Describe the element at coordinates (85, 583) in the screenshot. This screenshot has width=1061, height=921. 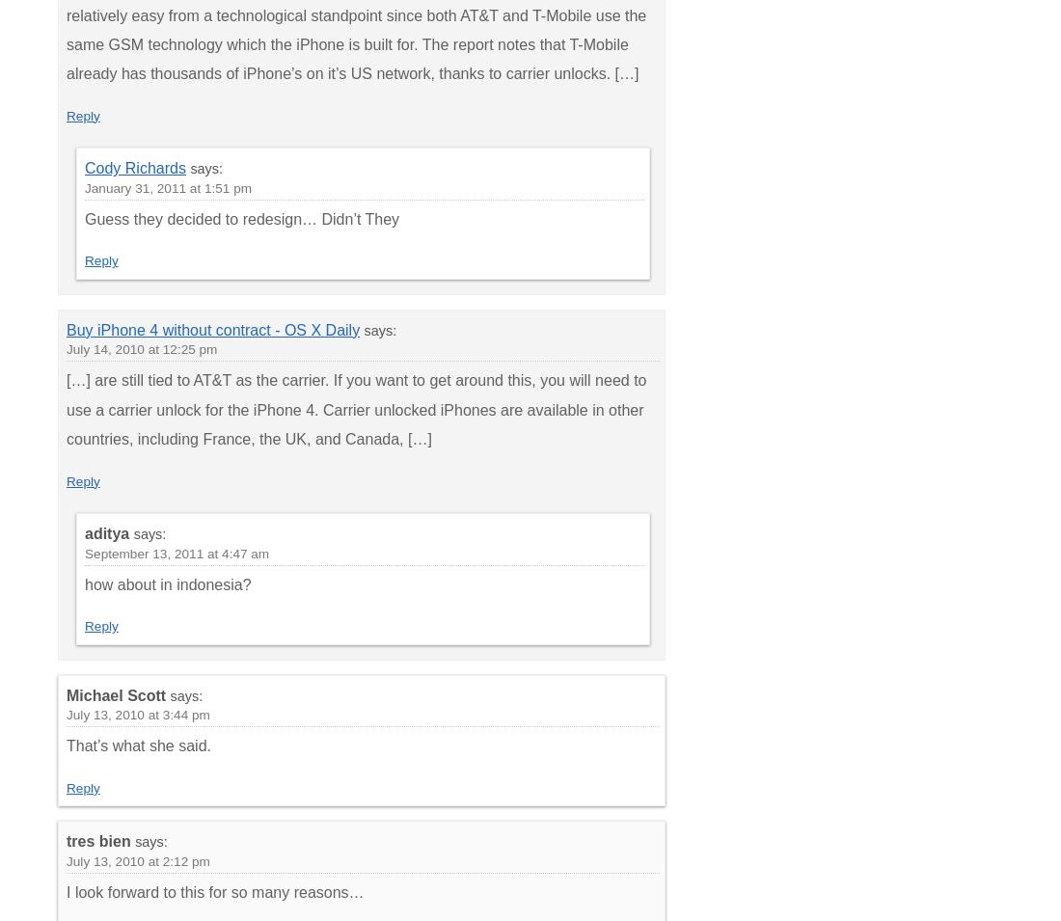
I see `'how about in indonesia?'` at that location.